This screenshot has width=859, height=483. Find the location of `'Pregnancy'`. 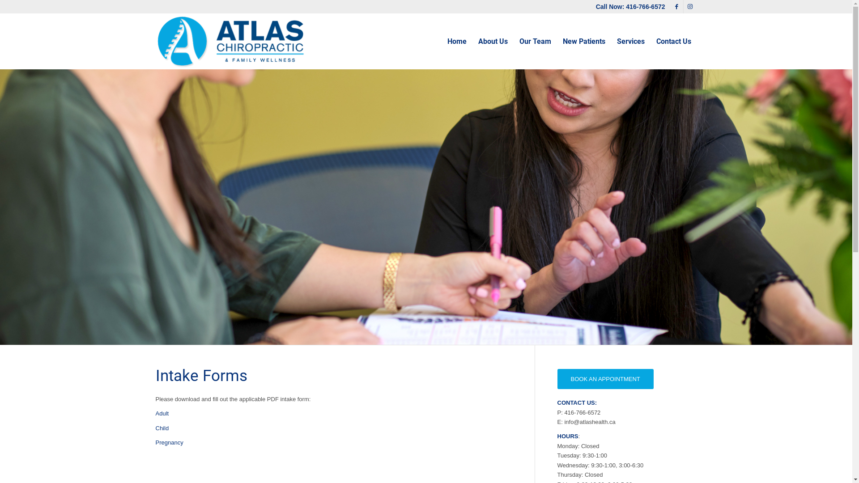

'Pregnancy' is located at coordinates (155, 442).